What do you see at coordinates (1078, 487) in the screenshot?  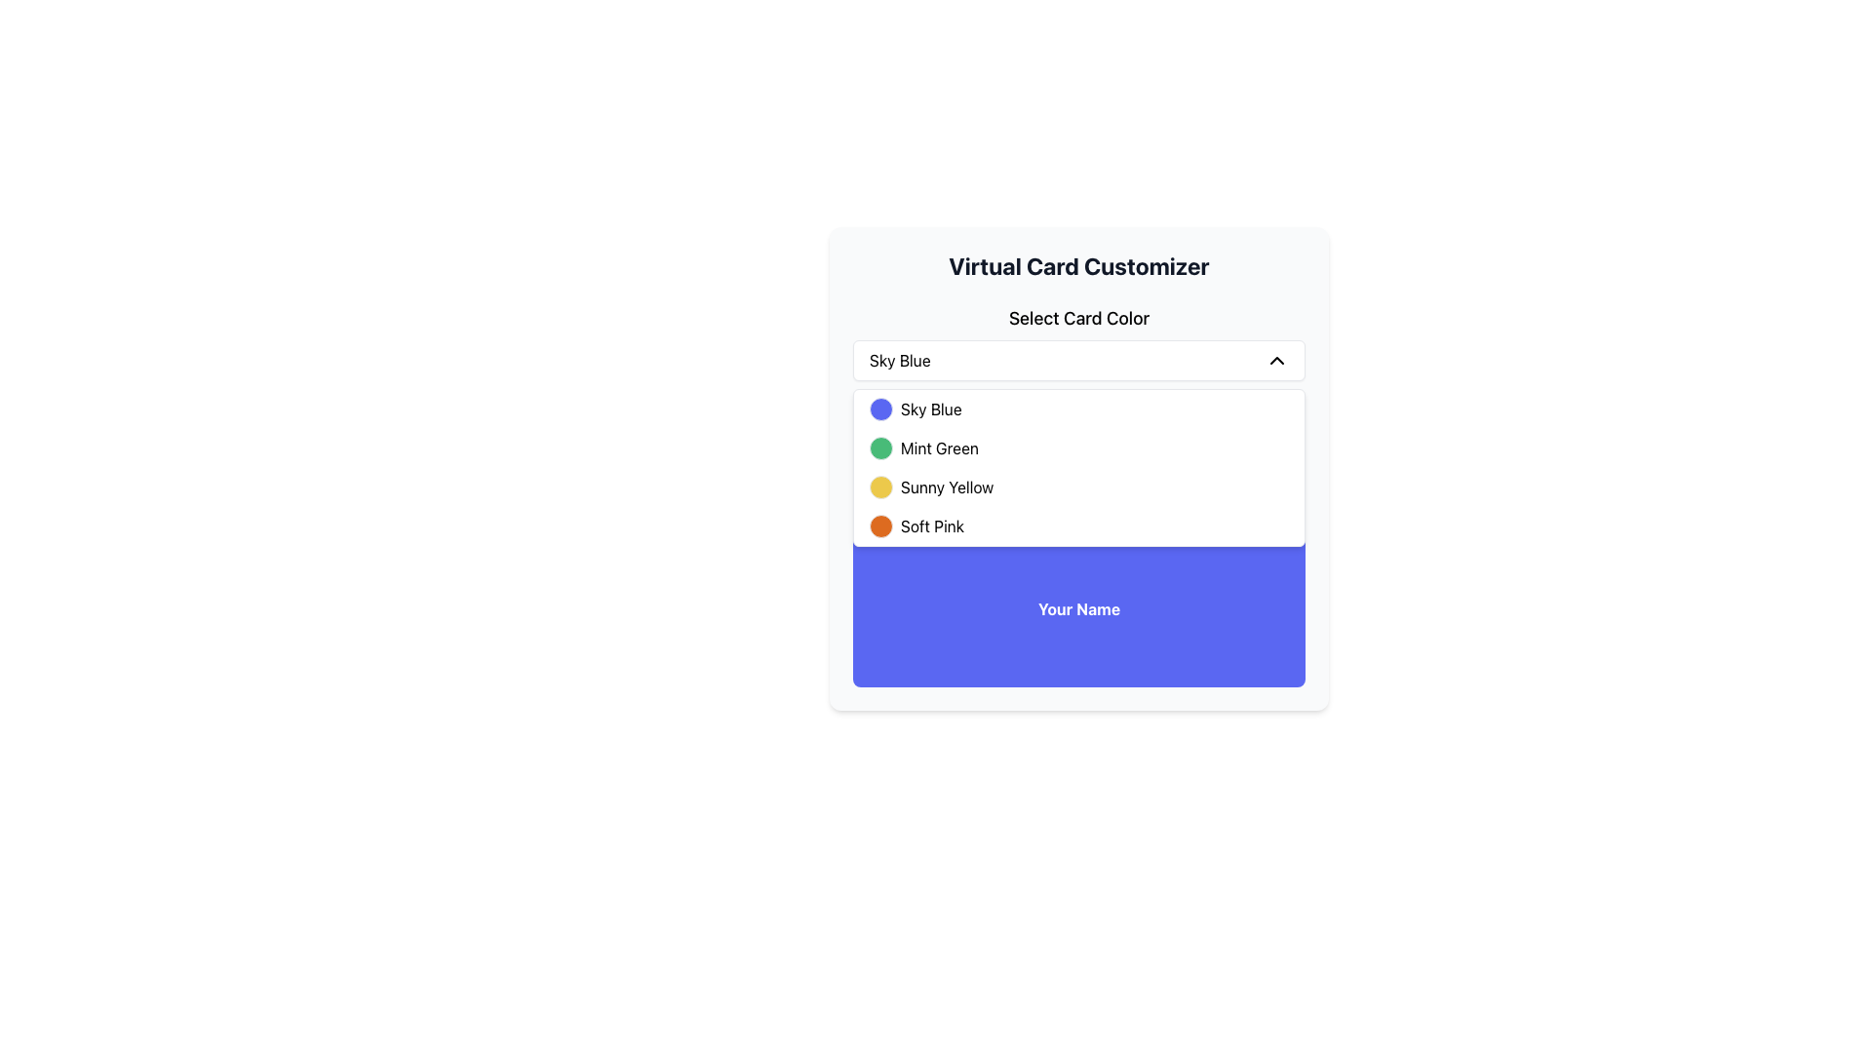 I see `the third option in the color selection dropdown menu labeled 'Sunny Yellow'` at bounding box center [1078, 487].